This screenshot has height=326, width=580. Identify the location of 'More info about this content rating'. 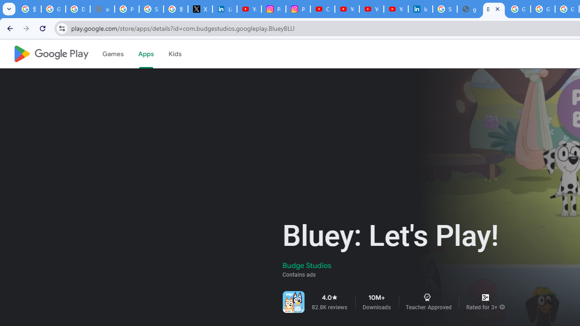
(502, 307).